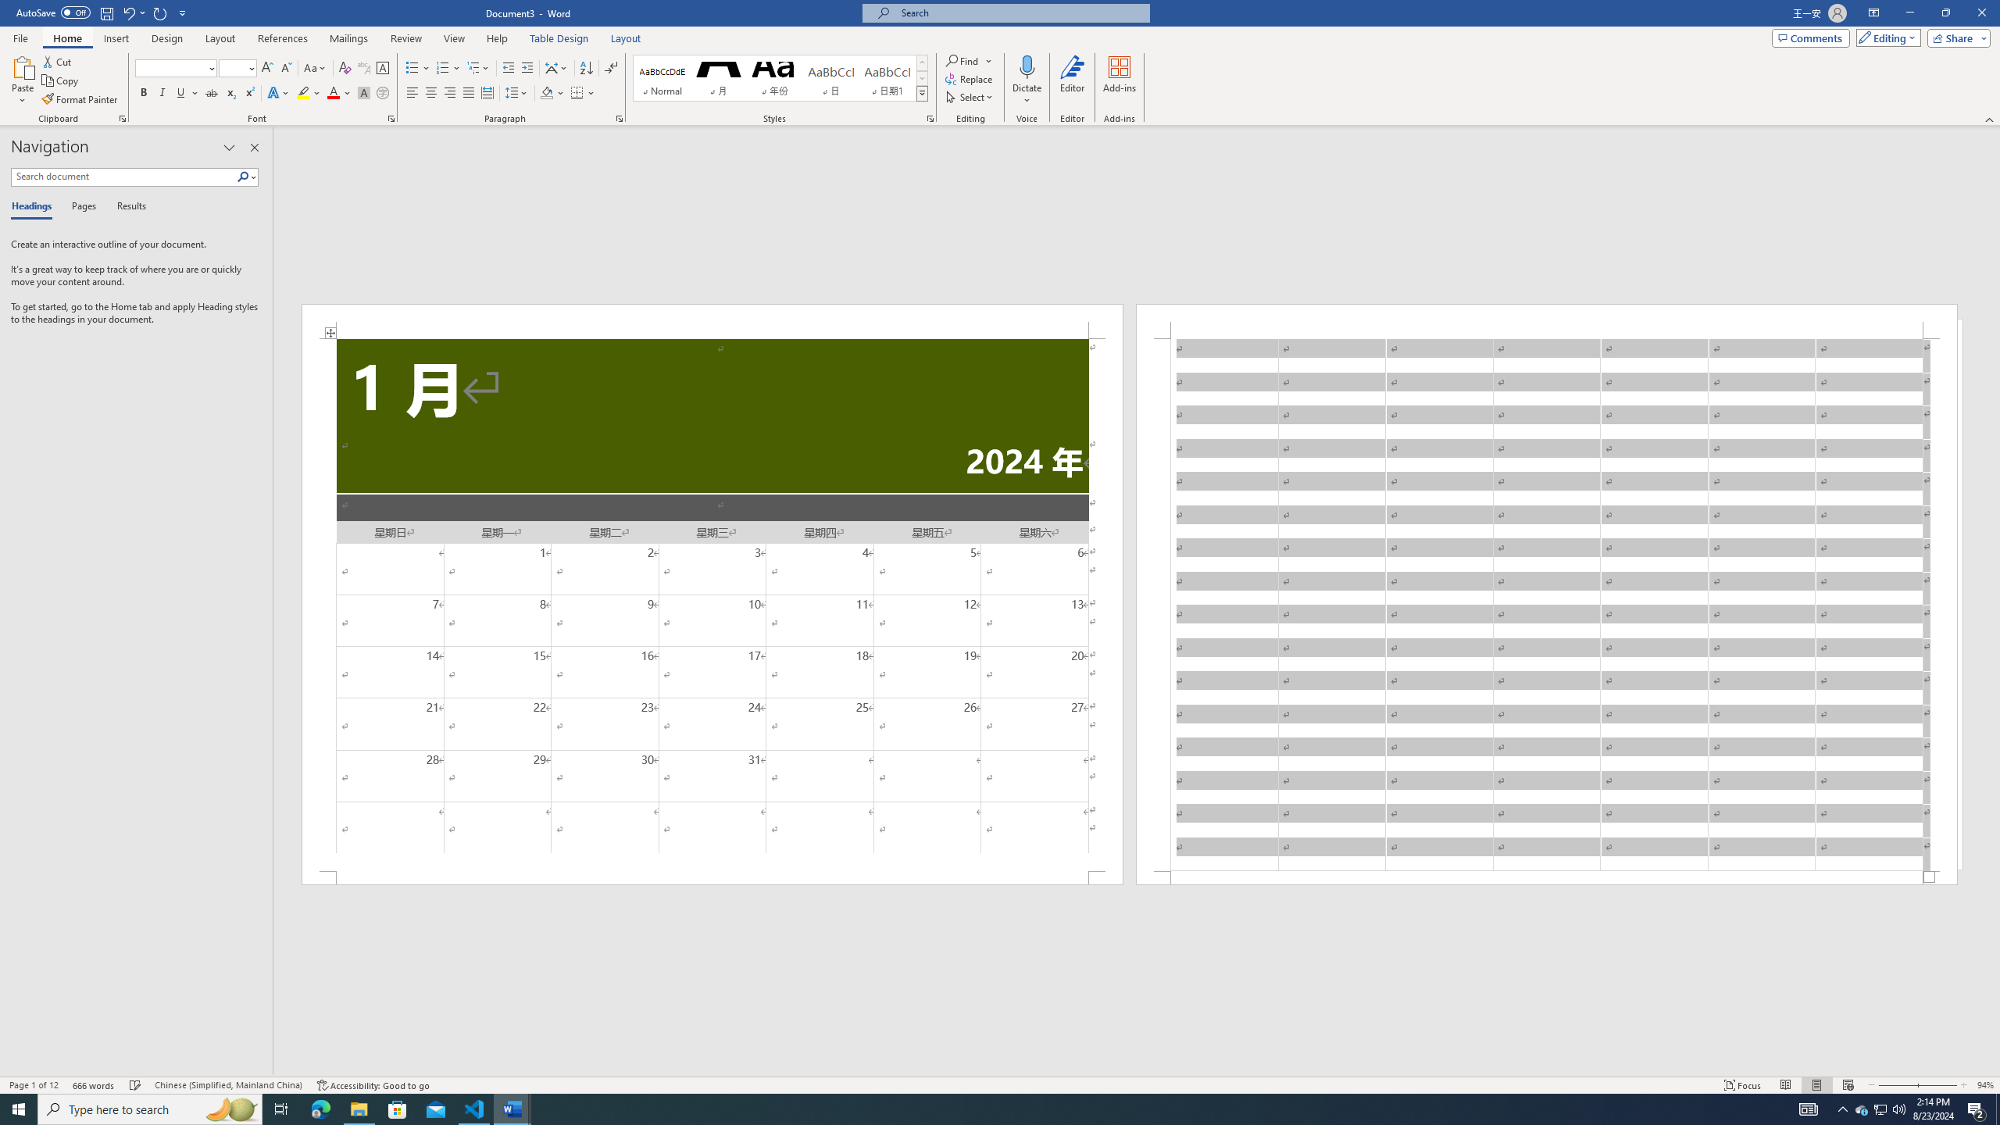  What do you see at coordinates (57, 61) in the screenshot?
I see `'Cut'` at bounding box center [57, 61].